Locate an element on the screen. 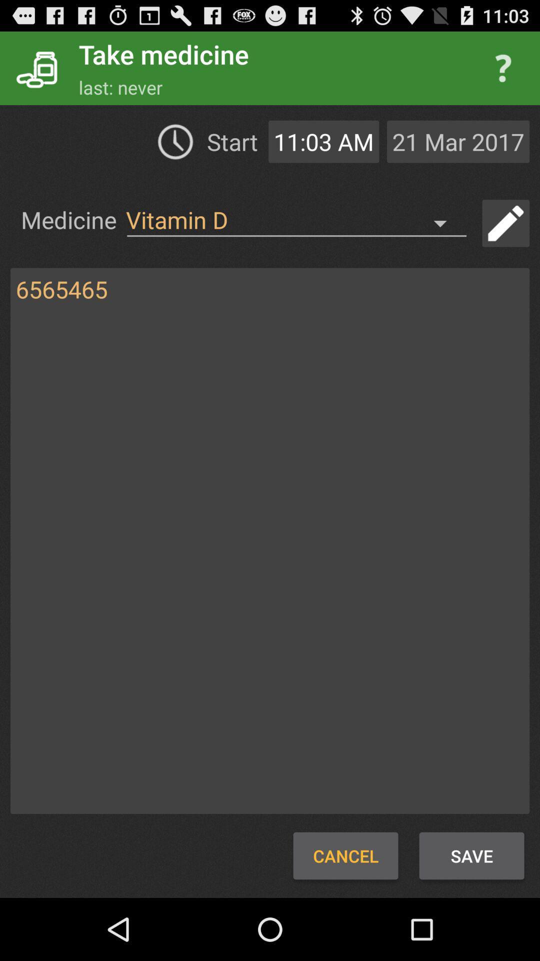 Image resolution: width=540 pixels, height=961 pixels. the edit icon is located at coordinates (505, 238).